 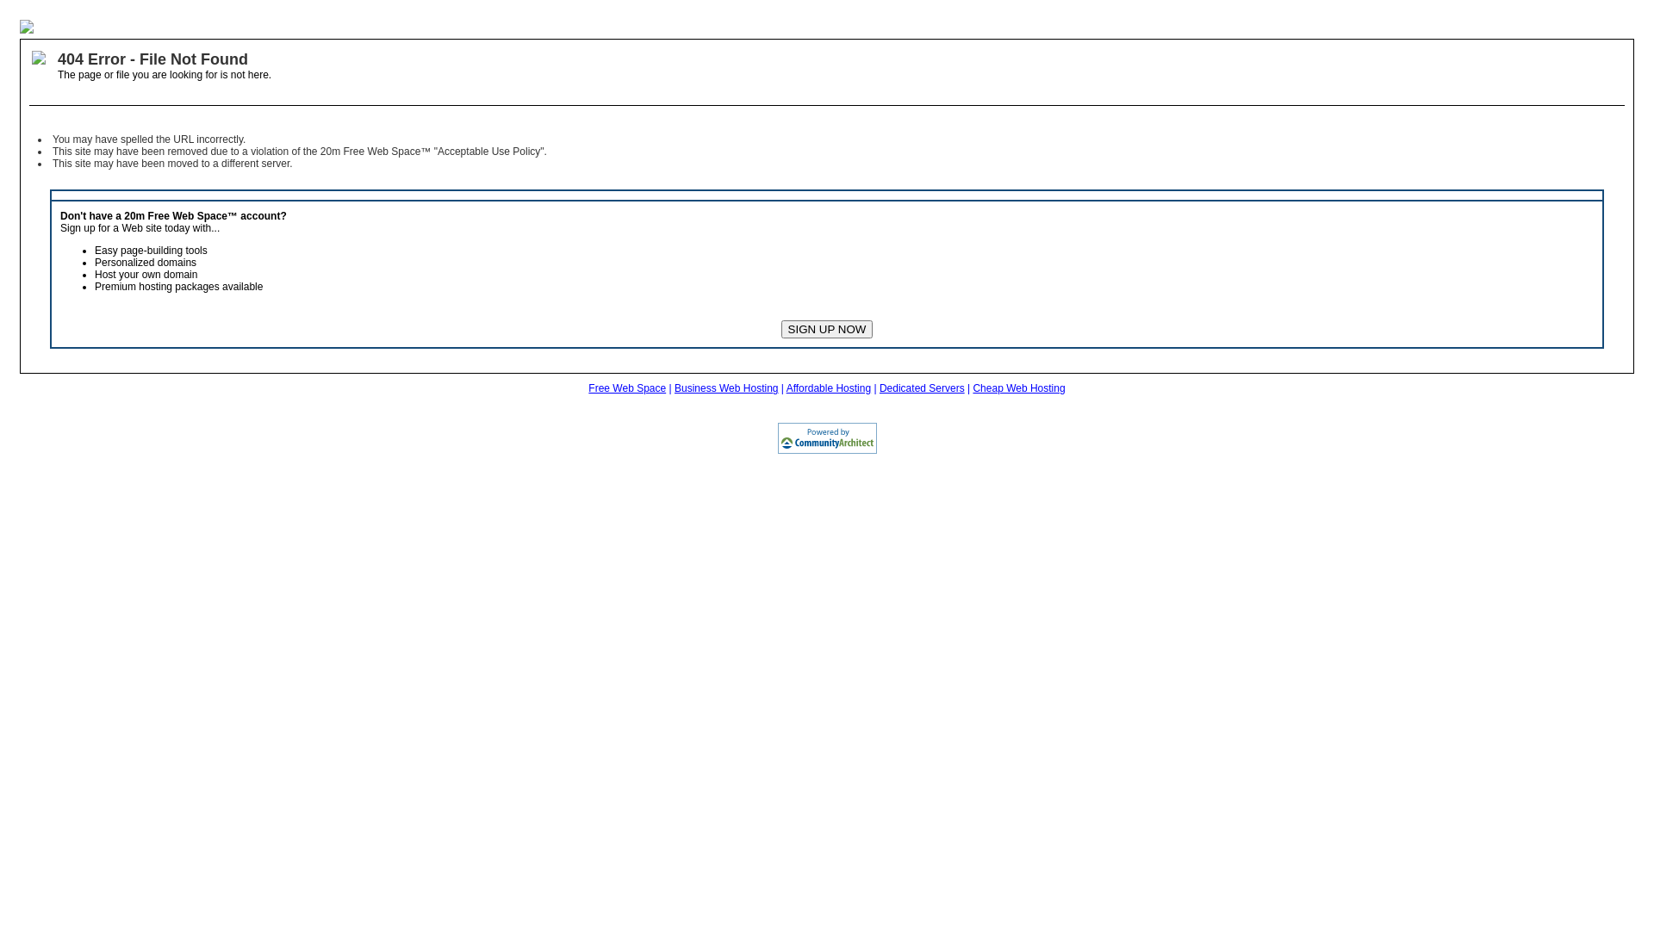 I want to click on 'Cheap Web Hosting', so click(x=1018, y=388).